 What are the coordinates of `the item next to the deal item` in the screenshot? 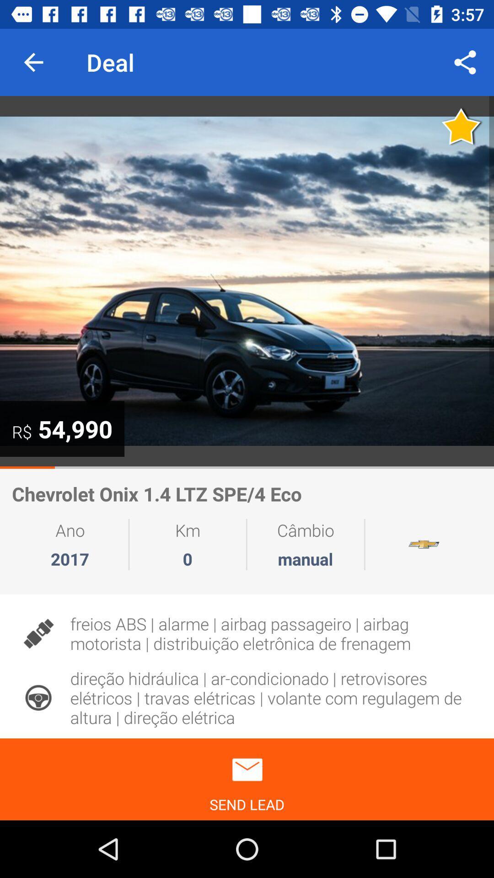 It's located at (465, 62).